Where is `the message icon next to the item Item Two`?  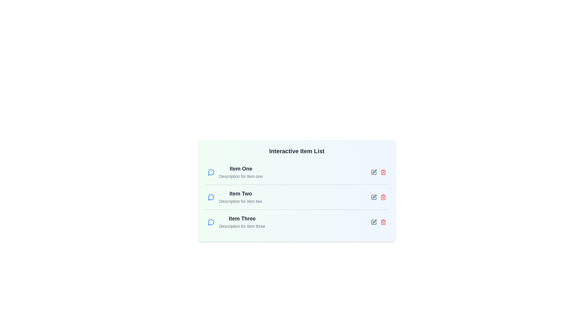 the message icon next to the item Item Two is located at coordinates (211, 197).